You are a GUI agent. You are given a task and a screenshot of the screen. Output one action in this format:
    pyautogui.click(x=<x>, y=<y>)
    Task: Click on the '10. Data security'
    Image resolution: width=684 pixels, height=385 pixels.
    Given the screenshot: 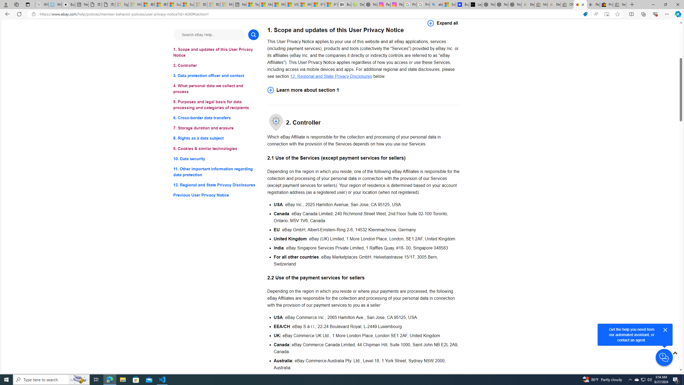 What is the action you would take?
    pyautogui.click(x=216, y=159)
    